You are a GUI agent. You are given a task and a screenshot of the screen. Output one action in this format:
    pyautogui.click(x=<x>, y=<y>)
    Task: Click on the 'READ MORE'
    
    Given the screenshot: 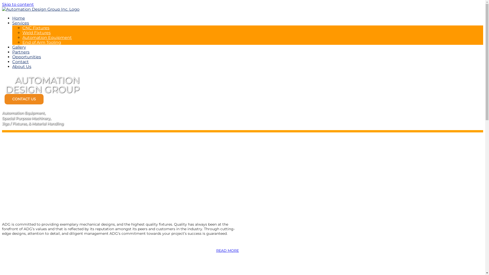 What is the action you would take?
    pyautogui.click(x=227, y=250)
    